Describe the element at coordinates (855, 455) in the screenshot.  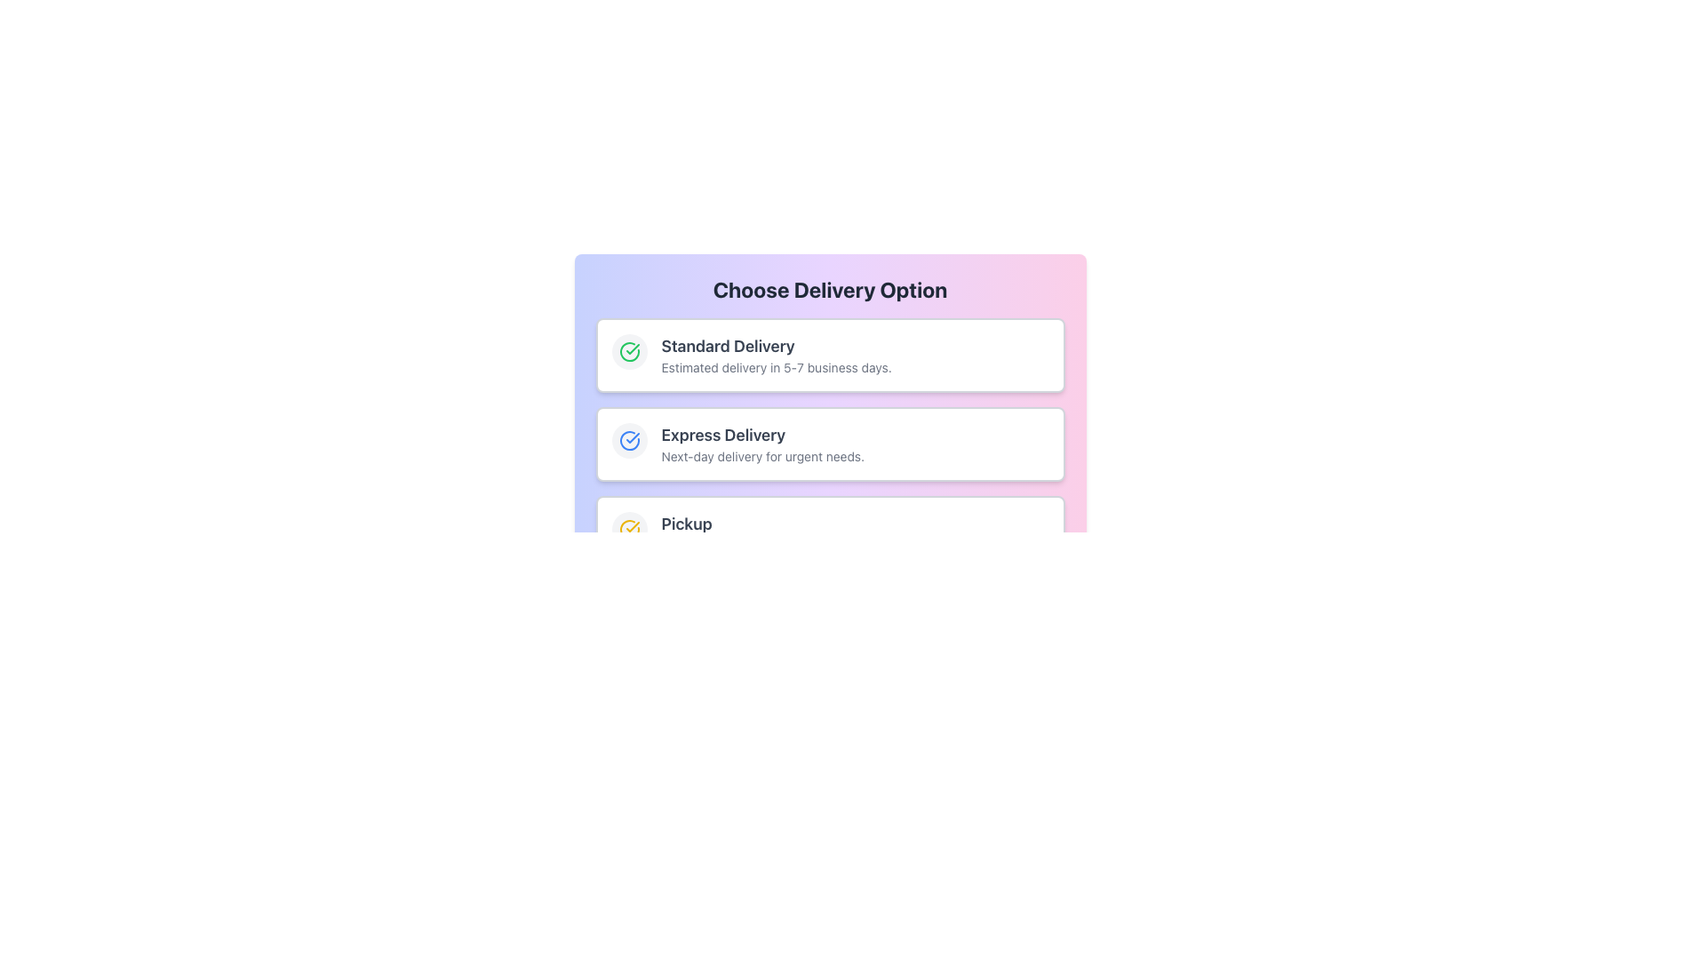
I see `text line that states 'Next-day delivery for urgent needs.' which is styled in smaller gray font and is located below the bold heading 'Express Delivery'` at that location.